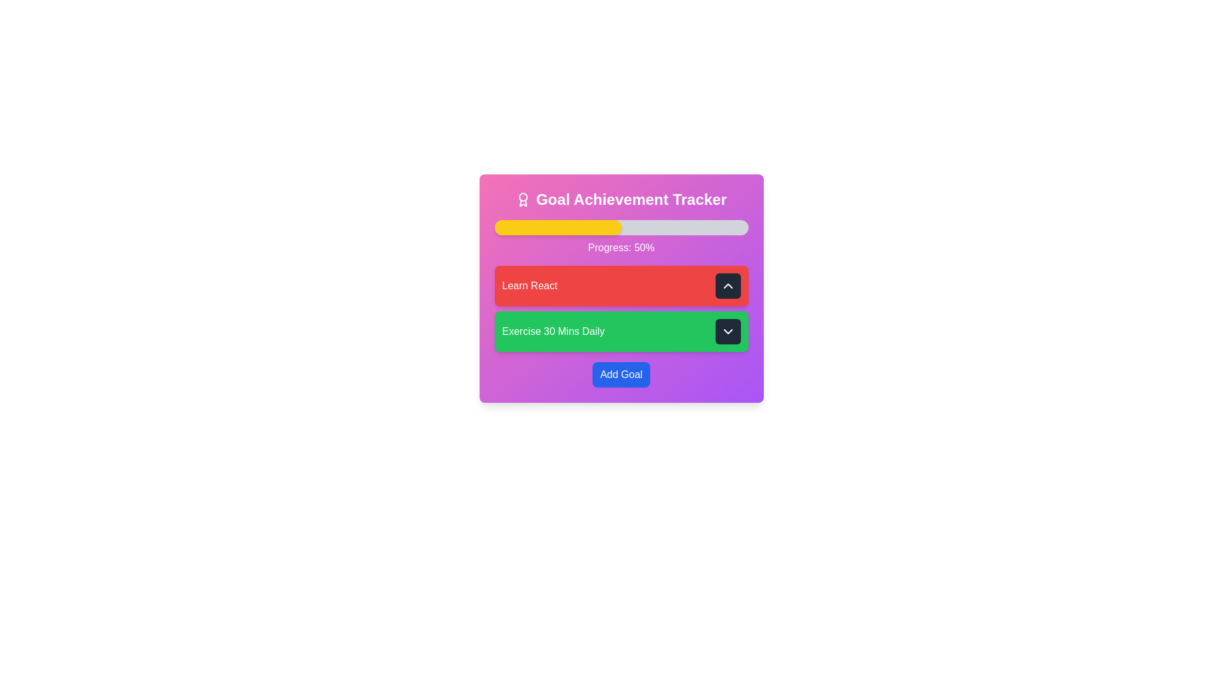  What do you see at coordinates (553, 331) in the screenshot?
I see `the non-interactive text label that displays the title or description of a task in the green box of the goal tracker interface to observe any hover effects` at bounding box center [553, 331].